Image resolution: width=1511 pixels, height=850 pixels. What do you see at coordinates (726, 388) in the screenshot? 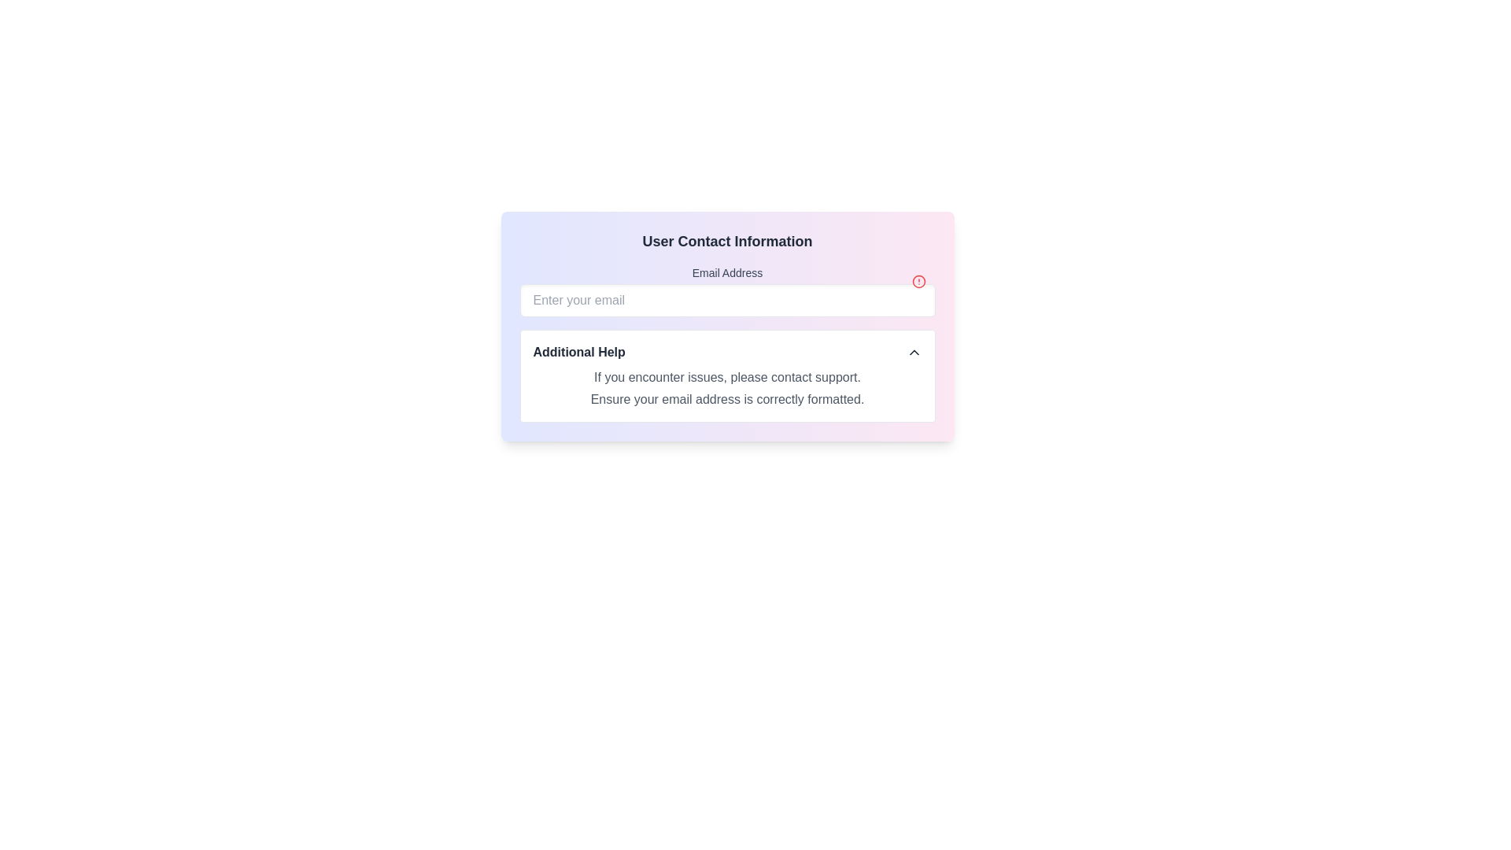
I see `informational text block located under the 'Additional Help' header, which contains guidance on contacting support and email formatting` at bounding box center [726, 388].